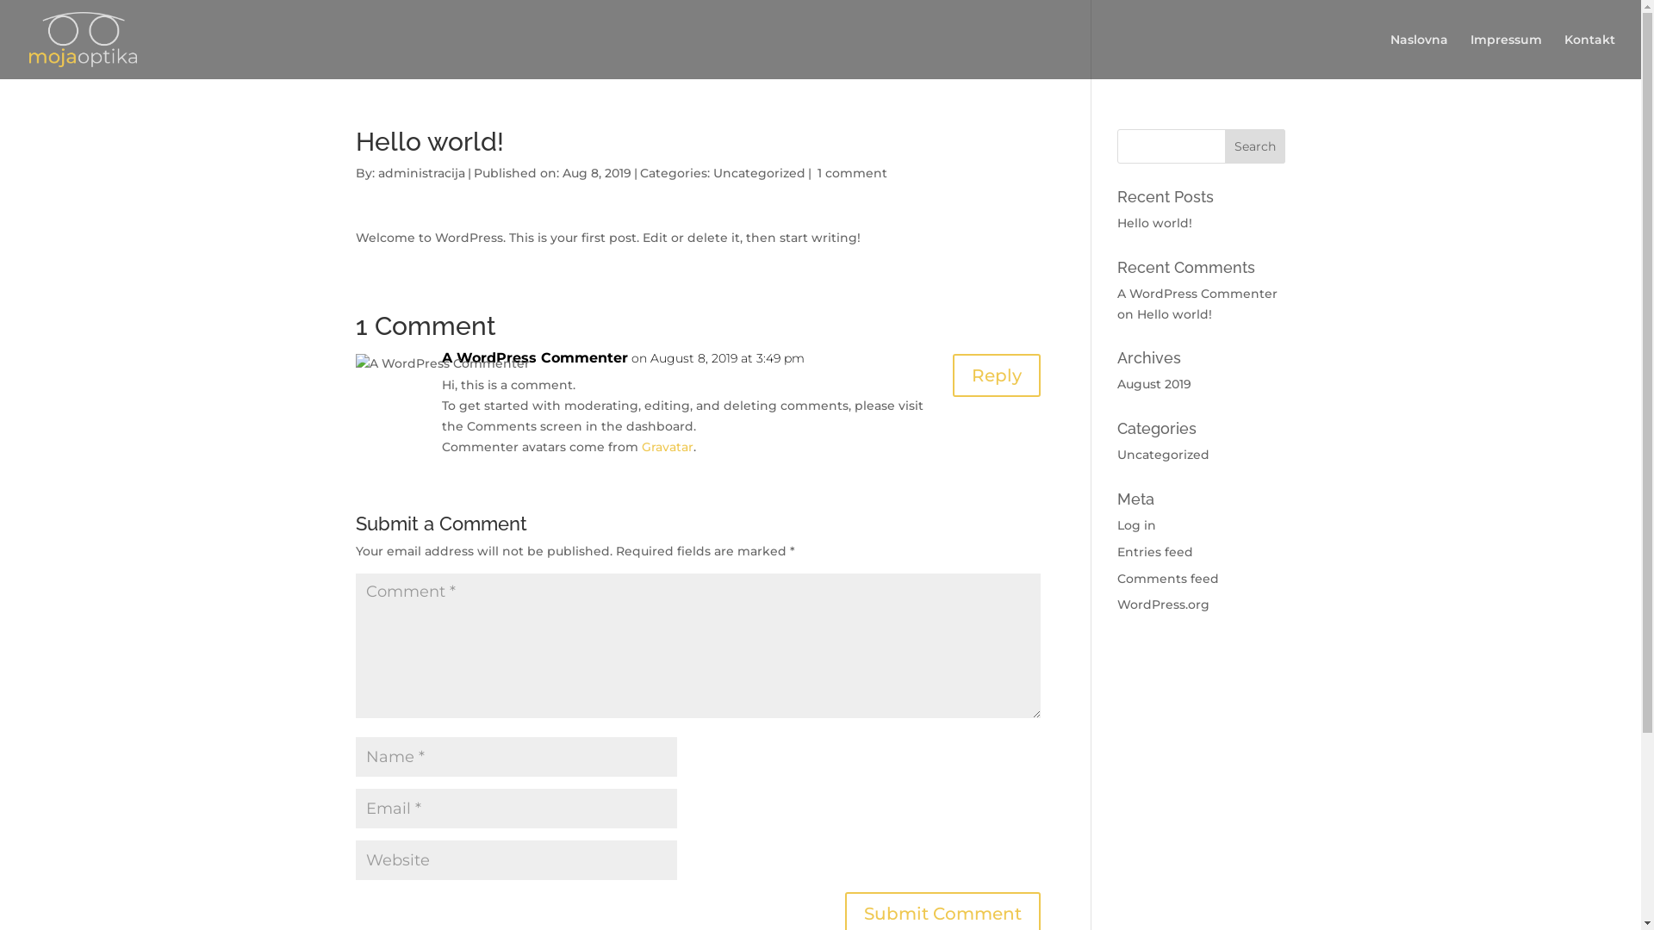  What do you see at coordinates (1137, 314) in the screenshot?
I see `'Hello world!'` at bounding box center [1137, 314].